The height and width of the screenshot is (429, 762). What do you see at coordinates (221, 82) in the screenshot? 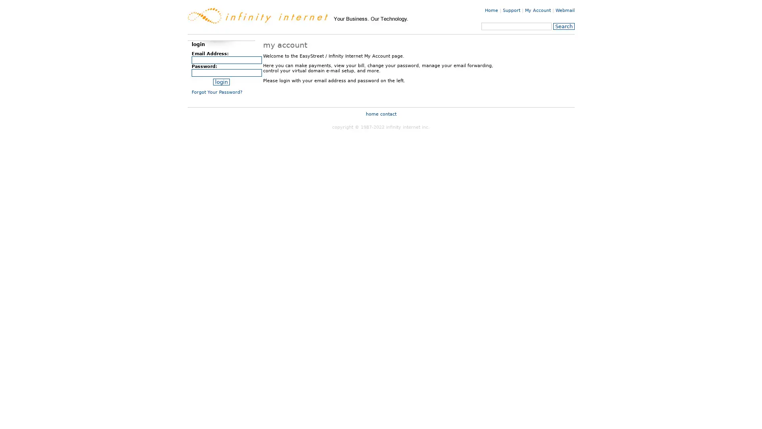
I see `login` at bounding box center [221, 82].